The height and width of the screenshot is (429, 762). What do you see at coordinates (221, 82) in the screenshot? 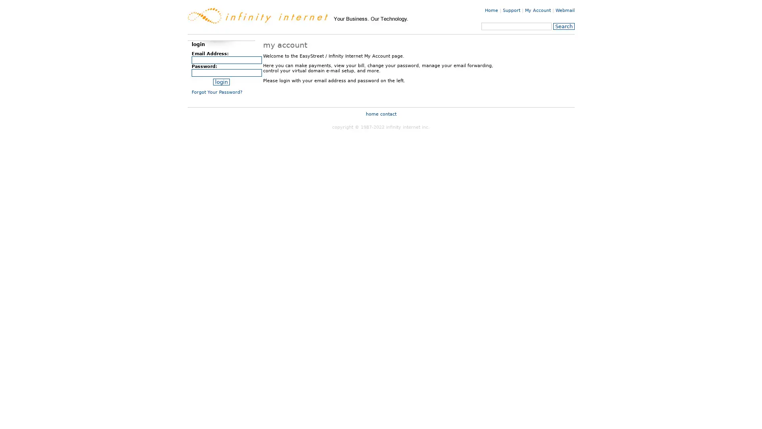
I see `login` at bounding box center [221, 82].